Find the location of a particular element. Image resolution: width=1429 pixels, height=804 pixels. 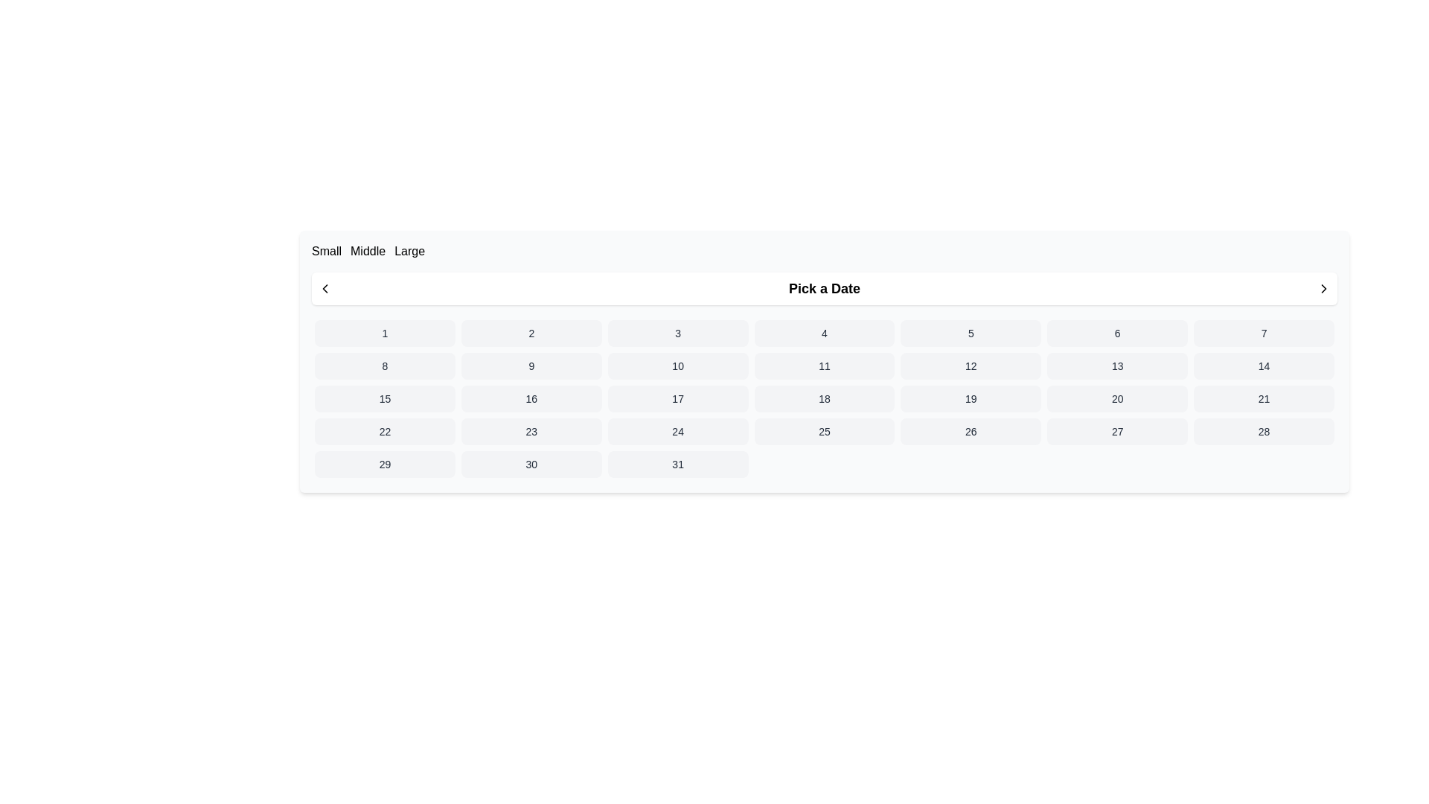

the button labeled '31' which is located in the bottom-most row of a grid layout, seventh column from the left, to change its background color is located at coordinates (677, 464).